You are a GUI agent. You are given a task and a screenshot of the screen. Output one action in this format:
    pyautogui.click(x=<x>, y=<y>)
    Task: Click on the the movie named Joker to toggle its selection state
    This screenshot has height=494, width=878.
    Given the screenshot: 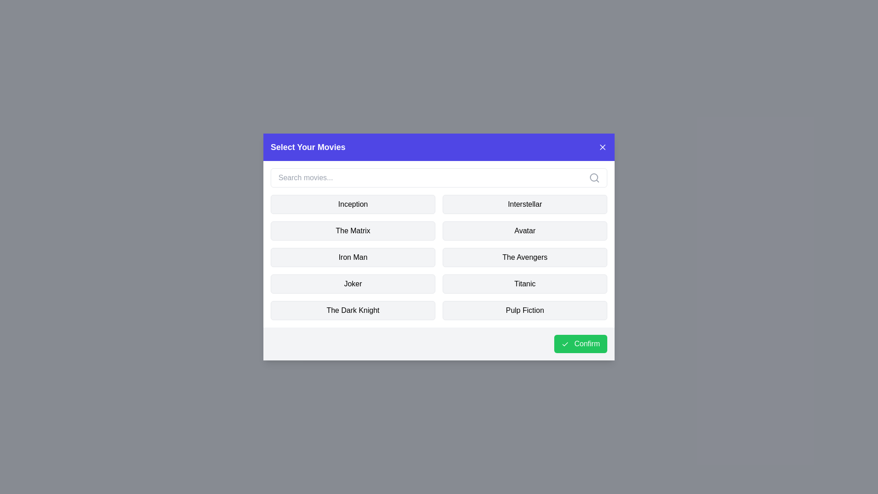 What is the action you would take?
    pyautogui.click(x=353, y=284)
    